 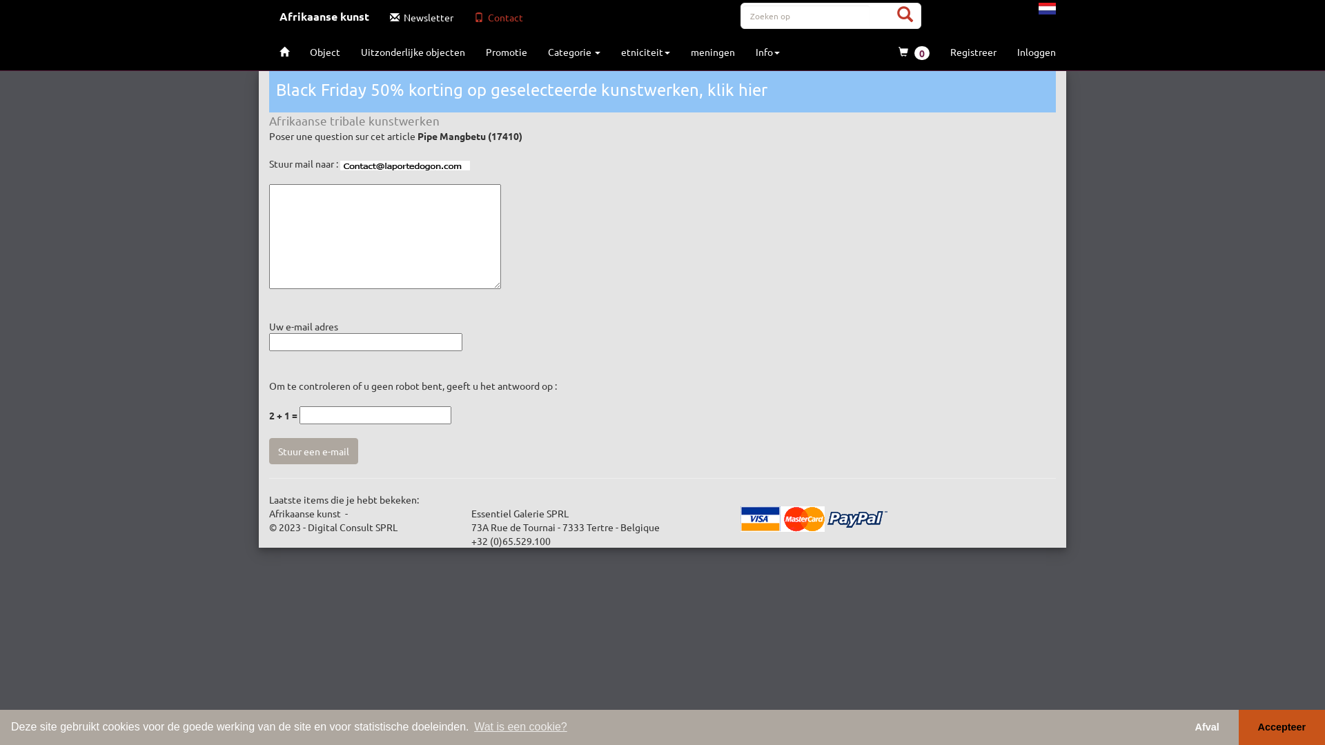 I want to click on '   0', so click(x=914, y=52).